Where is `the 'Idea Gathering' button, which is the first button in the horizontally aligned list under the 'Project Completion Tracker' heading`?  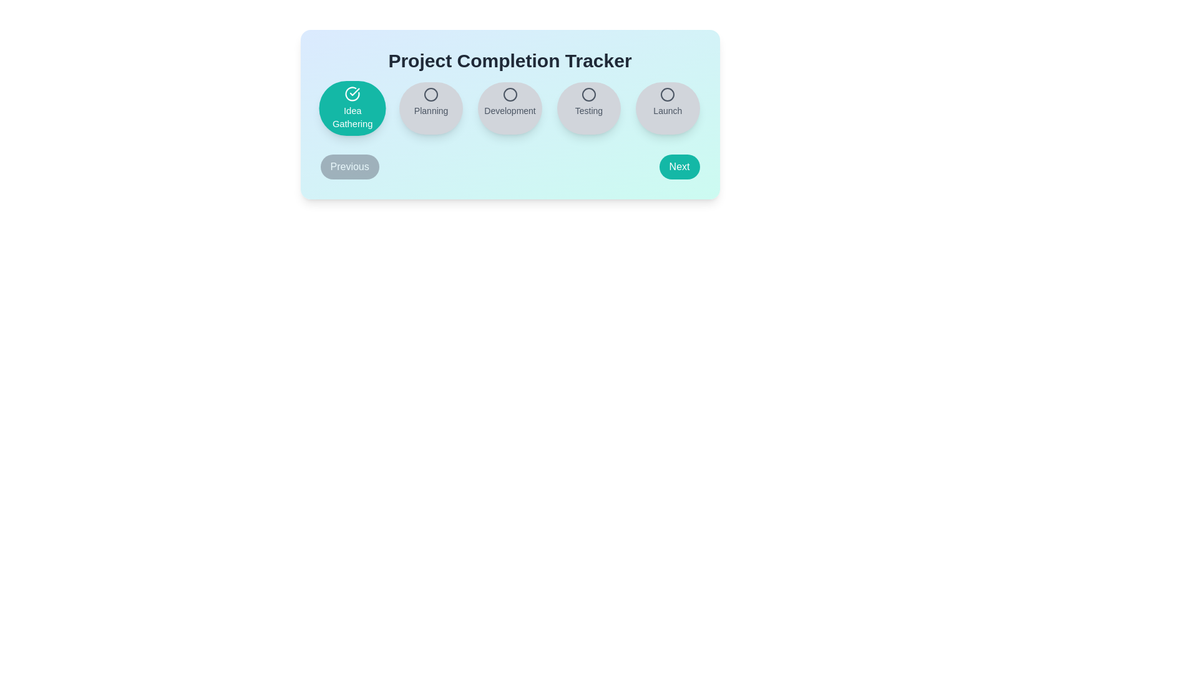 the 'Idea Gathering' button, which is the first button in the horizontally aligned list under the 'Project Completion Tracker' heading is located at coordinates (351, 107).